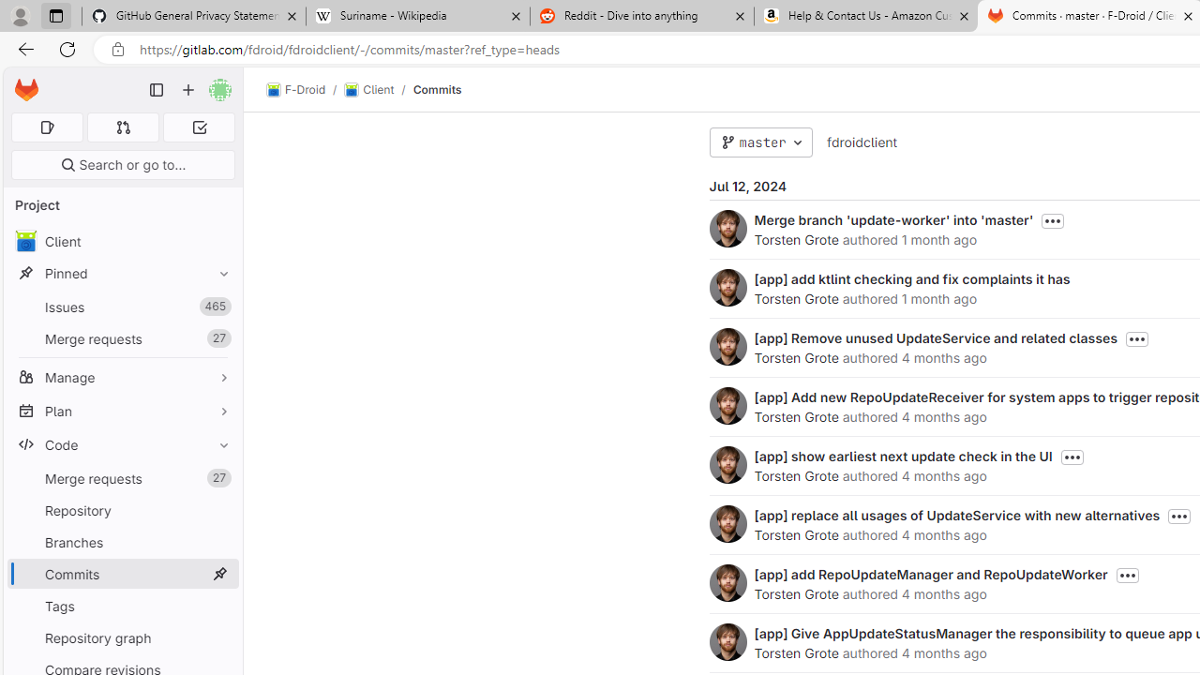  What do you see at coordinates (219, 573) in the screenshot?
I see `'Pin Commits'` at bounding box center [219, 573].